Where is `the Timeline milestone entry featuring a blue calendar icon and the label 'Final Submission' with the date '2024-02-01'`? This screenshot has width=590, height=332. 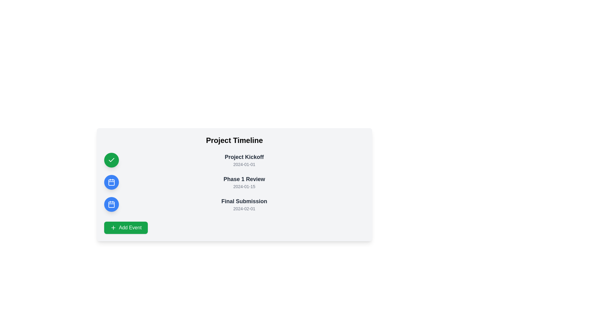
the Timeline milestone entry featuring a blue calendar icon and the label 'Final Submission' with the date '2024-02-01' is located at coordinates (234, 204).